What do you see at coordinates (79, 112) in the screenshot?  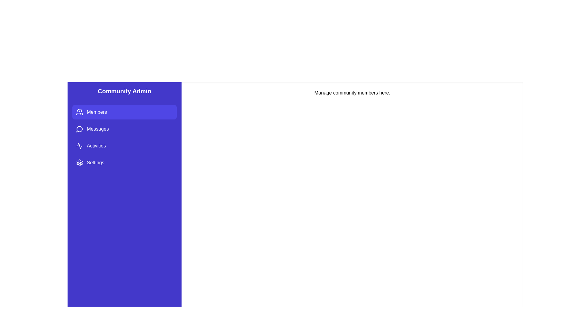 I see `the 'Members' icon located in the left-side navigation panel, which visually represents the Members section and is positioned above the other icons for Messages, Activities, and Settings` at bounding box center [79, 112].